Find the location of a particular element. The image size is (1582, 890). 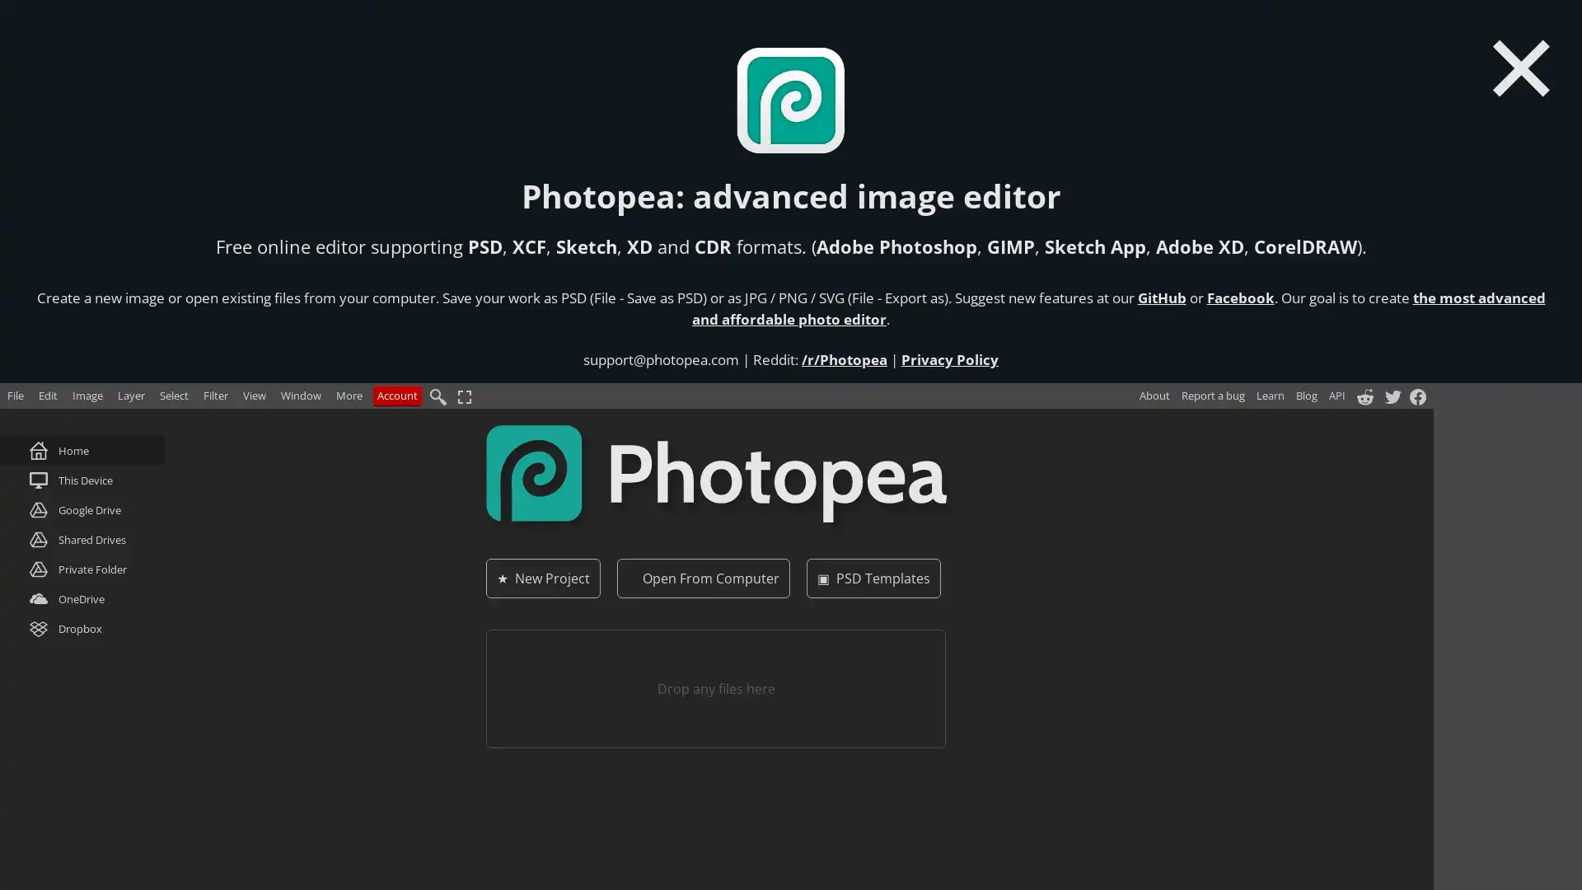

Blog is located at coordinates (1305, 12).